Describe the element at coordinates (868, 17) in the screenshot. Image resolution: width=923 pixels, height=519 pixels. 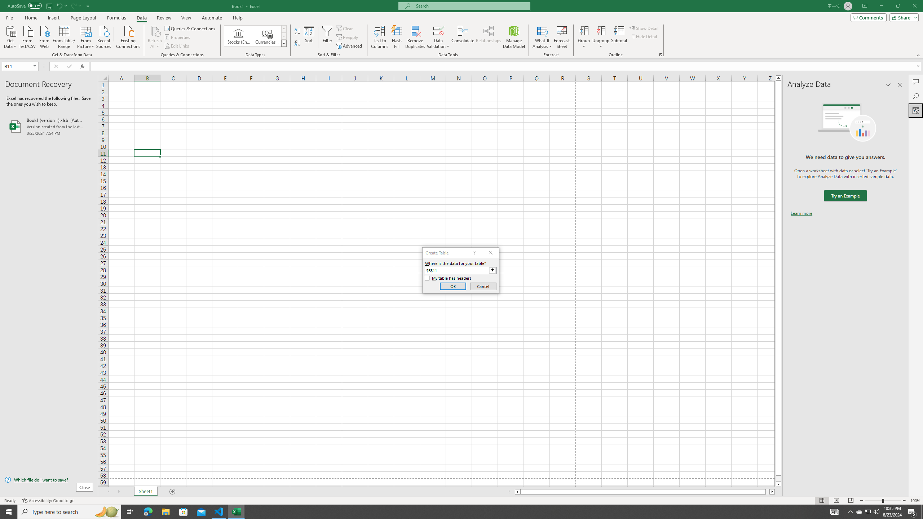
I see `'Comments'` at that location.